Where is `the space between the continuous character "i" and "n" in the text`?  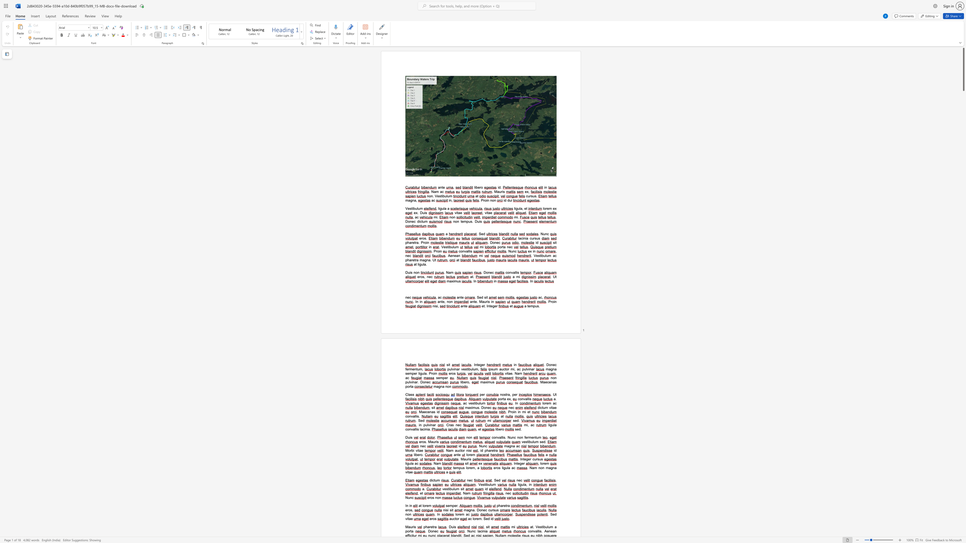
the space between the continuous character "i" and "n" in the text is located at coordinates (492, 302).